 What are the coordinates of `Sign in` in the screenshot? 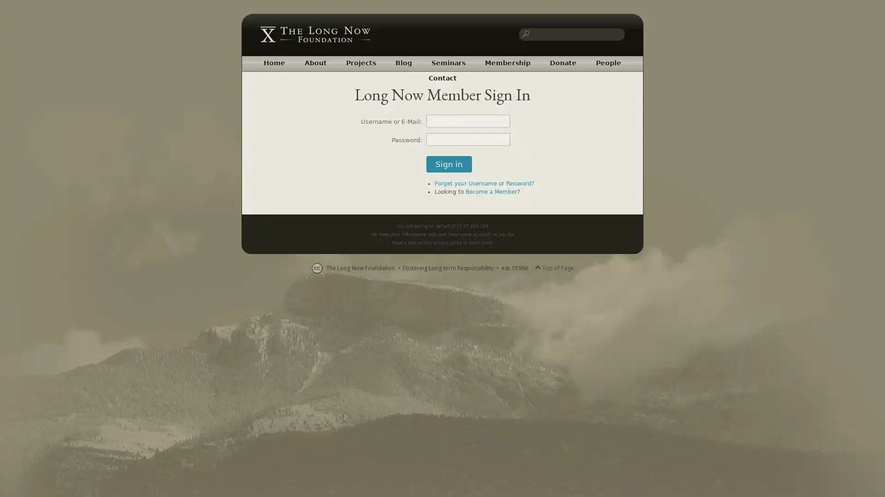 It's located at (449, 164).